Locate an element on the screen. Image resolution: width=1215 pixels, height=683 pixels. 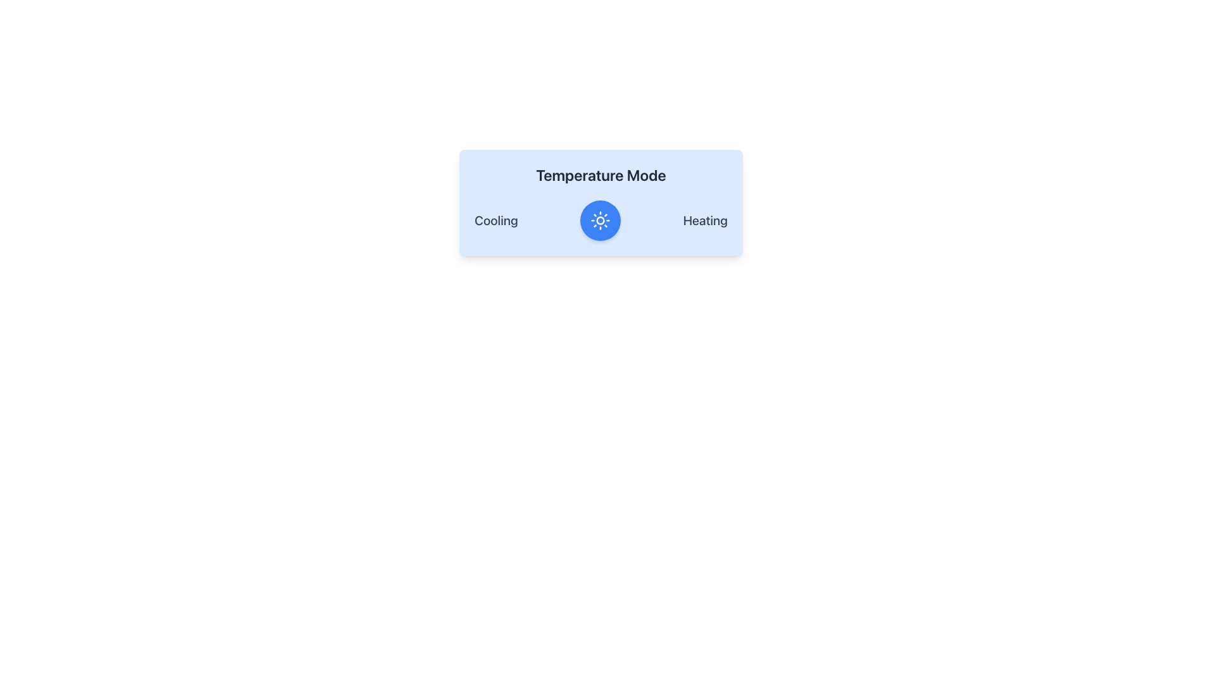
the central circular icon with a blue sun symbol in the toggle-like layout of the Temperature Mode component is located at coordinates (601, 219).